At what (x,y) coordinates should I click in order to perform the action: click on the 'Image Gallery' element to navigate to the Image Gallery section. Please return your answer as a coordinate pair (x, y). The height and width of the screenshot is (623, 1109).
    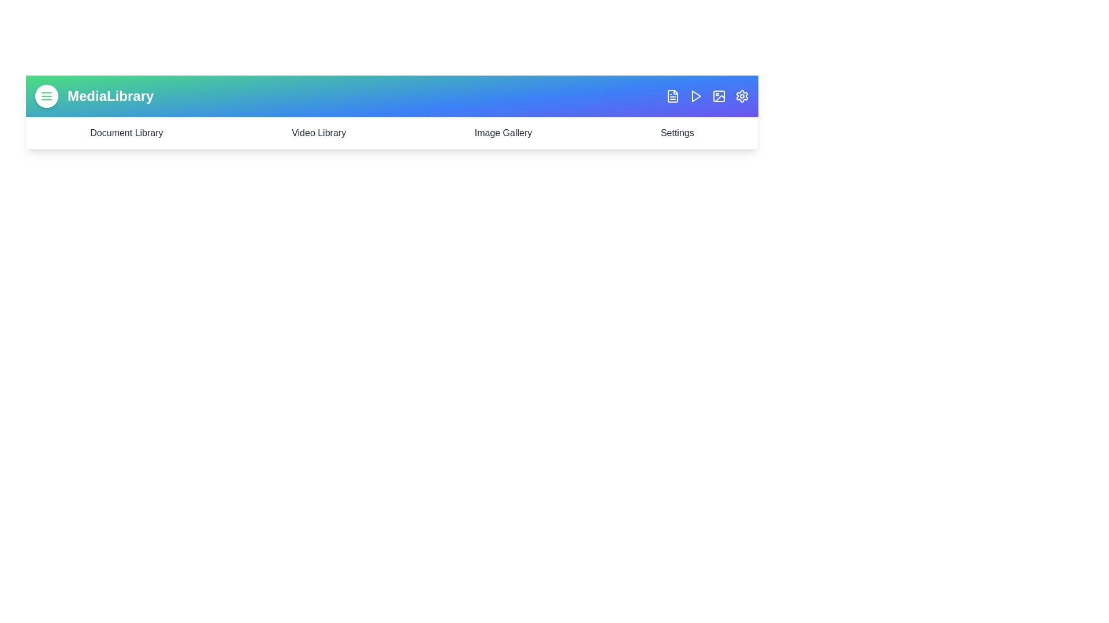
    Looking at the image, I should click on (503, 133).